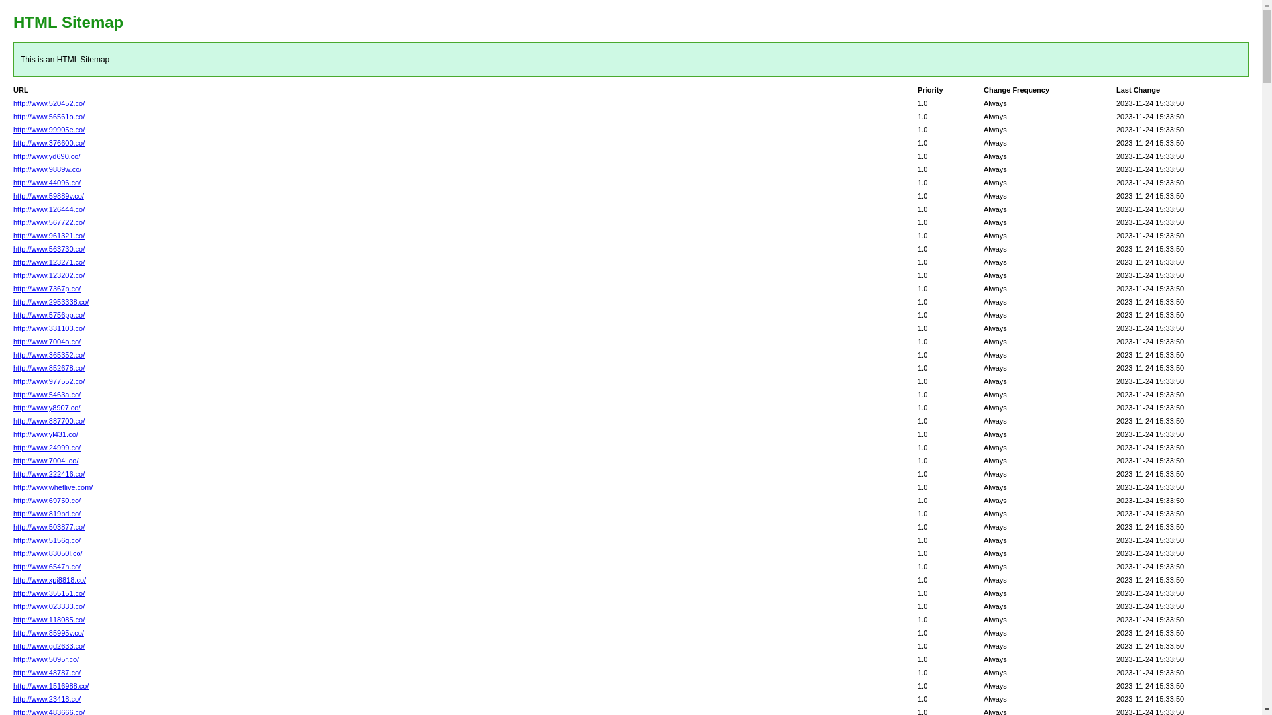 The image size is (1272, 715). What do you see at coordinates (48, 234) in the screenshot?
I see `'http://www.961321.co/'` at bounding box center [48, 234].